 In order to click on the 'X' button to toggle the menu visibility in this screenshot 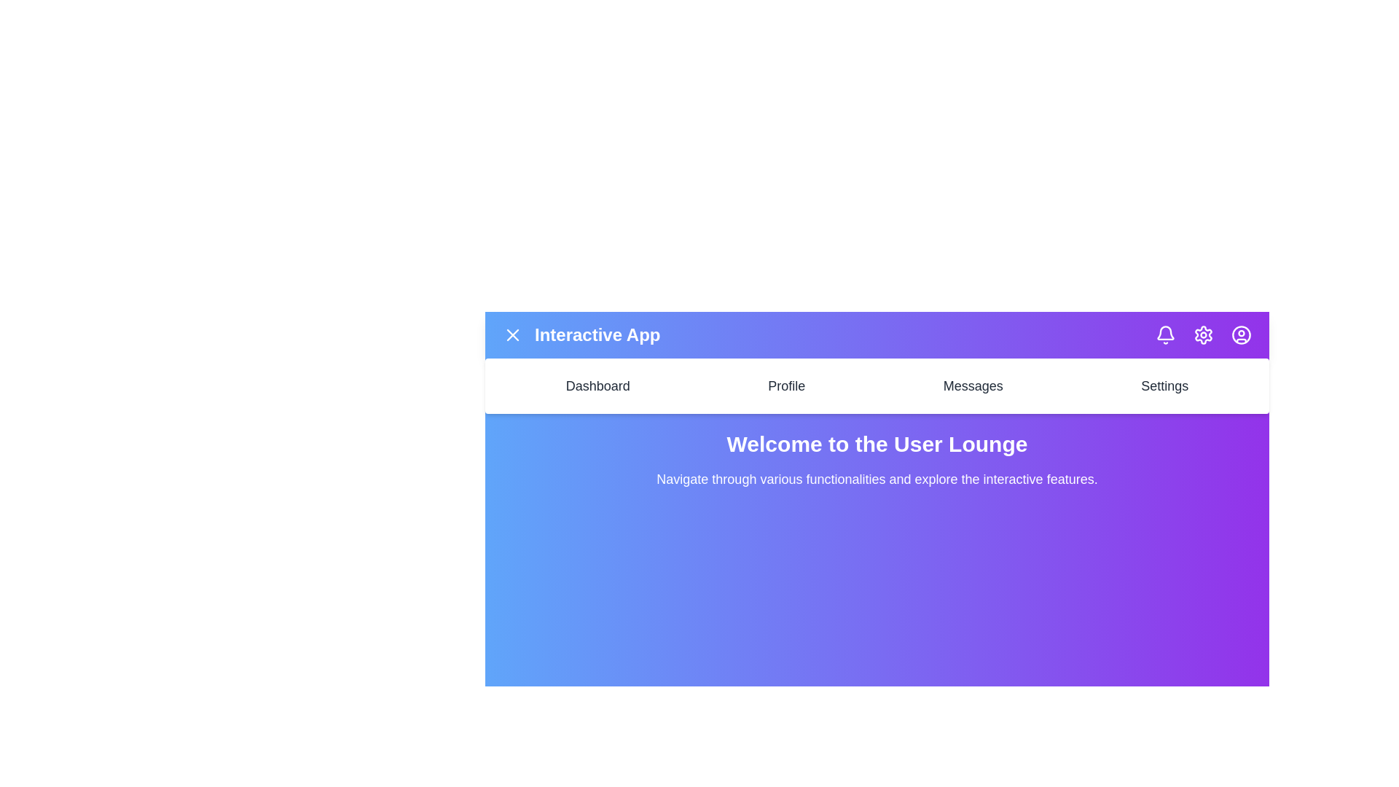, I will do `click(513, 334)`.